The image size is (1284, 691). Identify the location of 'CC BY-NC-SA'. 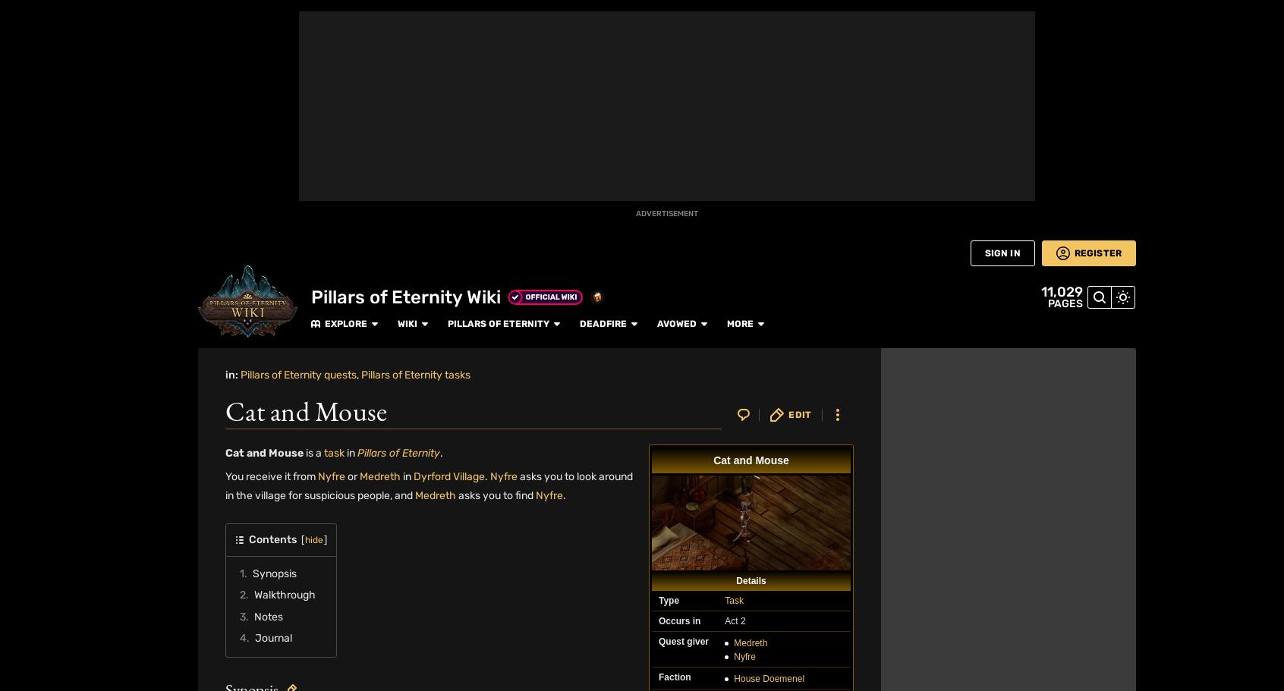
(409, 634).